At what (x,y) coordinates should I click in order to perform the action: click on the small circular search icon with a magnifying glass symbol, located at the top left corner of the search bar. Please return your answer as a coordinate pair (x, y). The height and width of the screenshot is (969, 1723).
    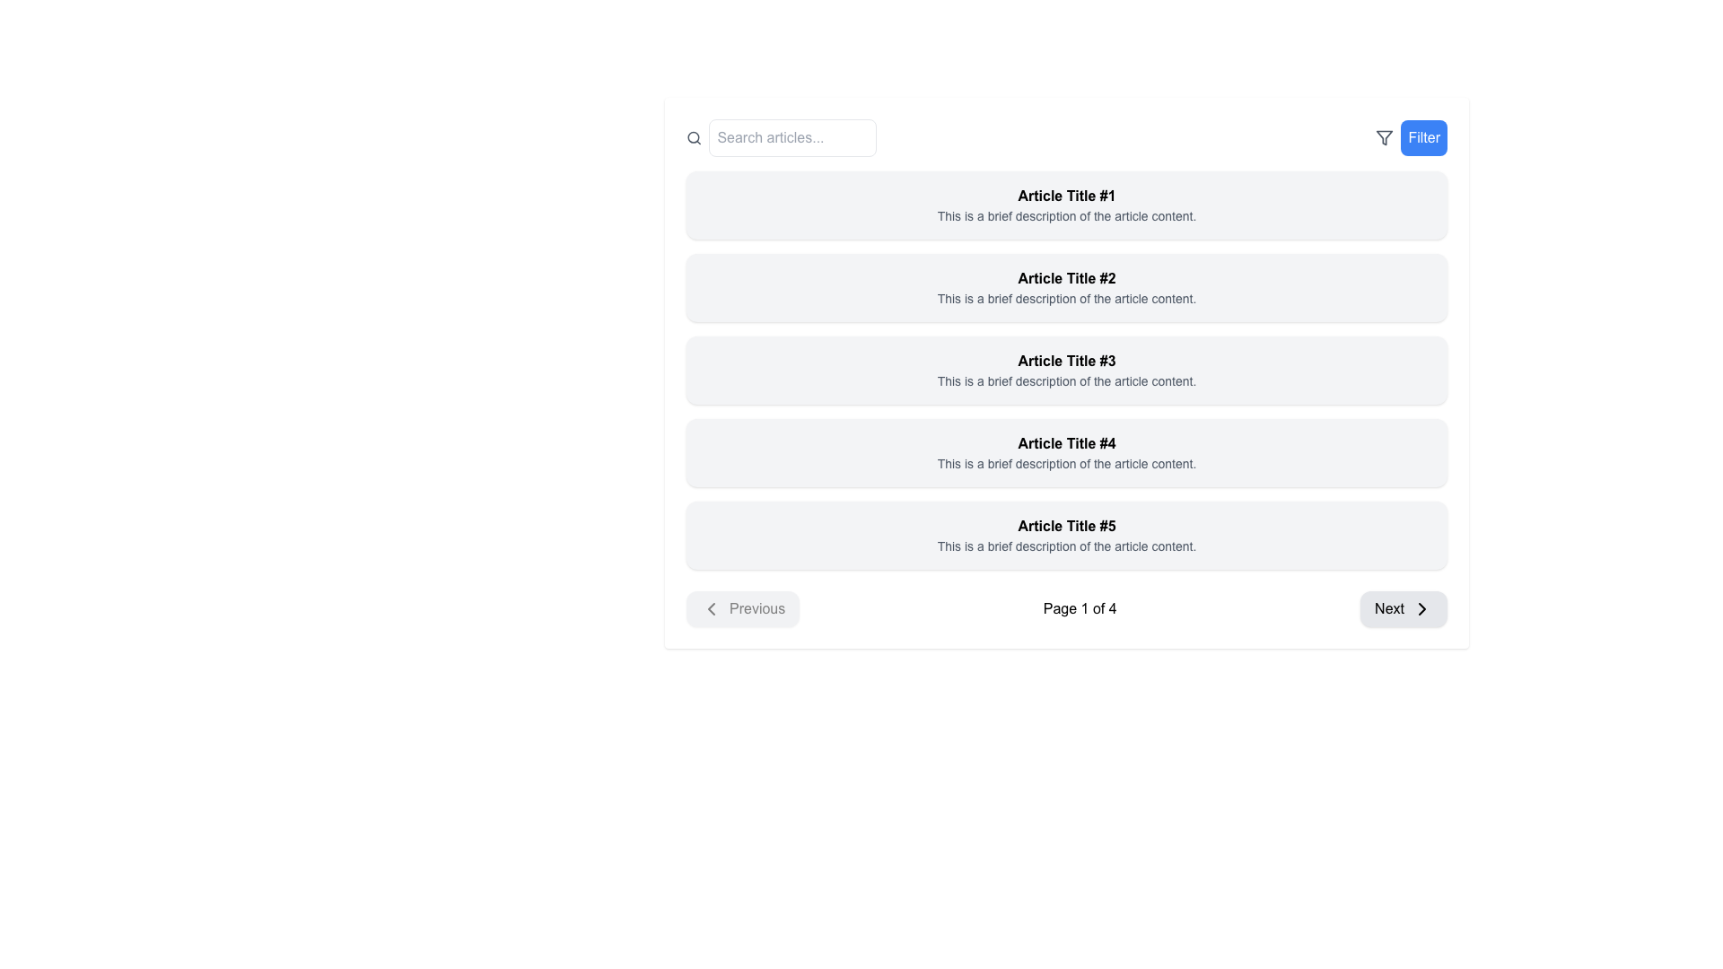
    Looking at the image, I should click on (693, 137).